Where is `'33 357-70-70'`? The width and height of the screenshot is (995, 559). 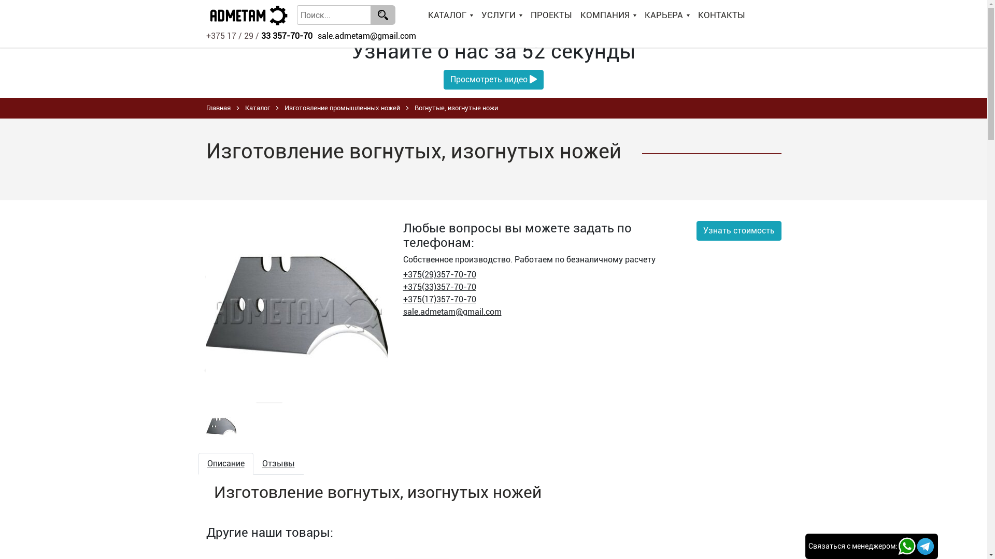
'33 357-70-70' is located at coordinates (287, 35).